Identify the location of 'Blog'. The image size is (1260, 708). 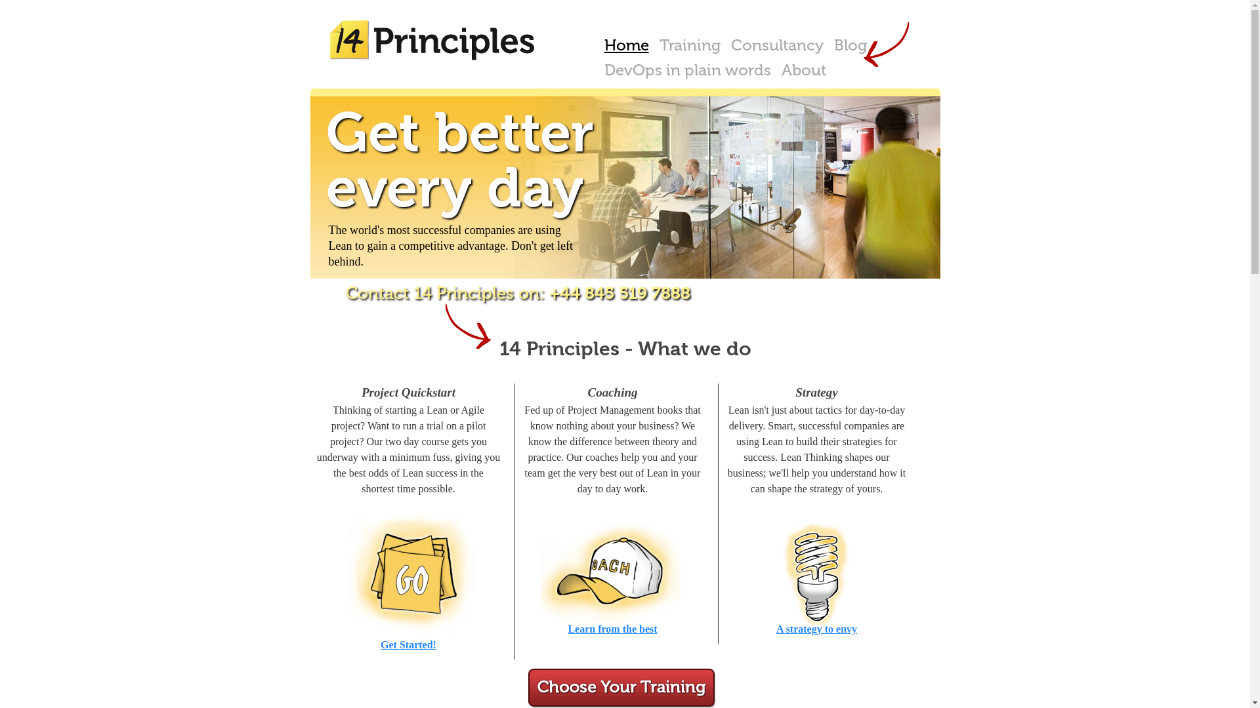
(828, 45).